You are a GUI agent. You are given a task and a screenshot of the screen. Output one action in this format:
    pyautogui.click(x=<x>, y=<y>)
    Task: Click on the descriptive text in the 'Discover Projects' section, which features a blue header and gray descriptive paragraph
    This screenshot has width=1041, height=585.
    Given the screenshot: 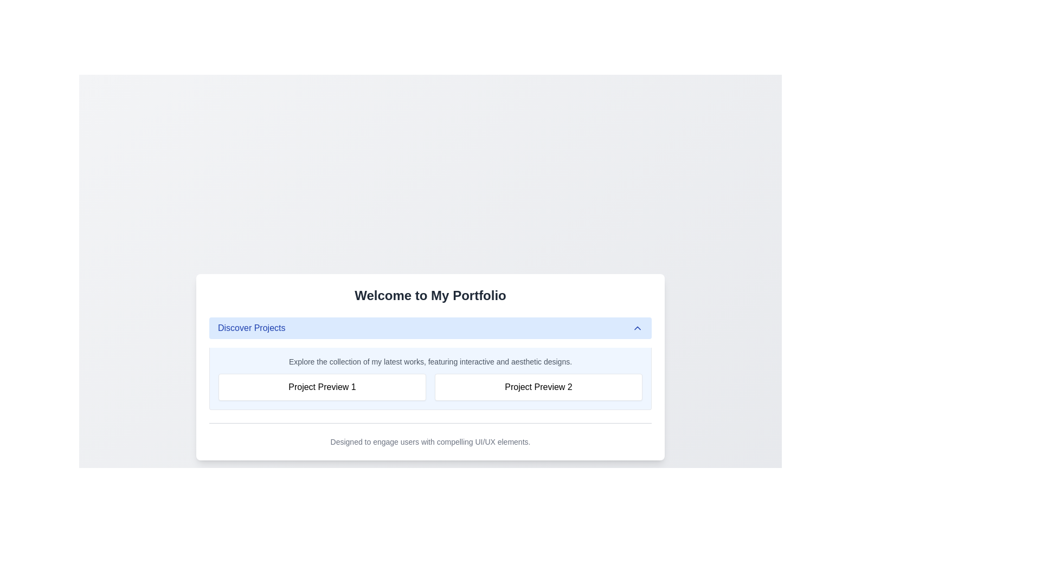 What is the action you would take?
    pyautogui.click(x=429, y=363)
    